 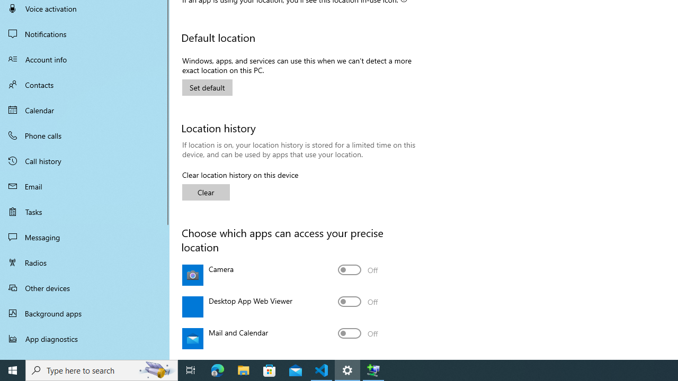 I want to click on 'Phone calls', so click(x=85, y=134).